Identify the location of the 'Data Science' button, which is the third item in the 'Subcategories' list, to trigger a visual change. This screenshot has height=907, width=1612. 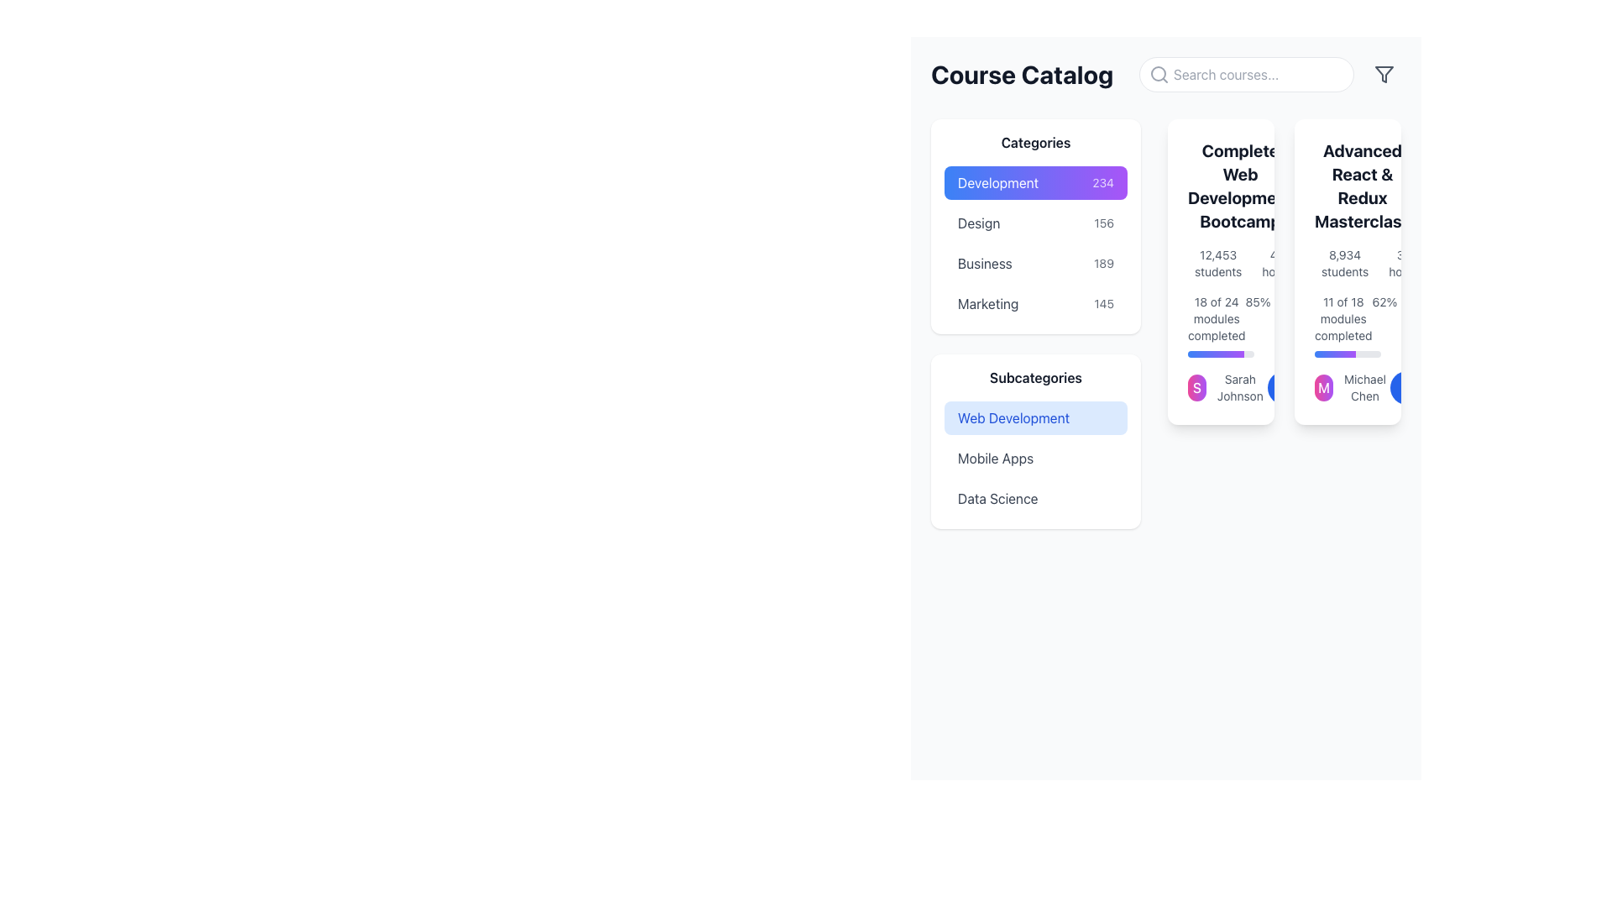
(1034, 498).